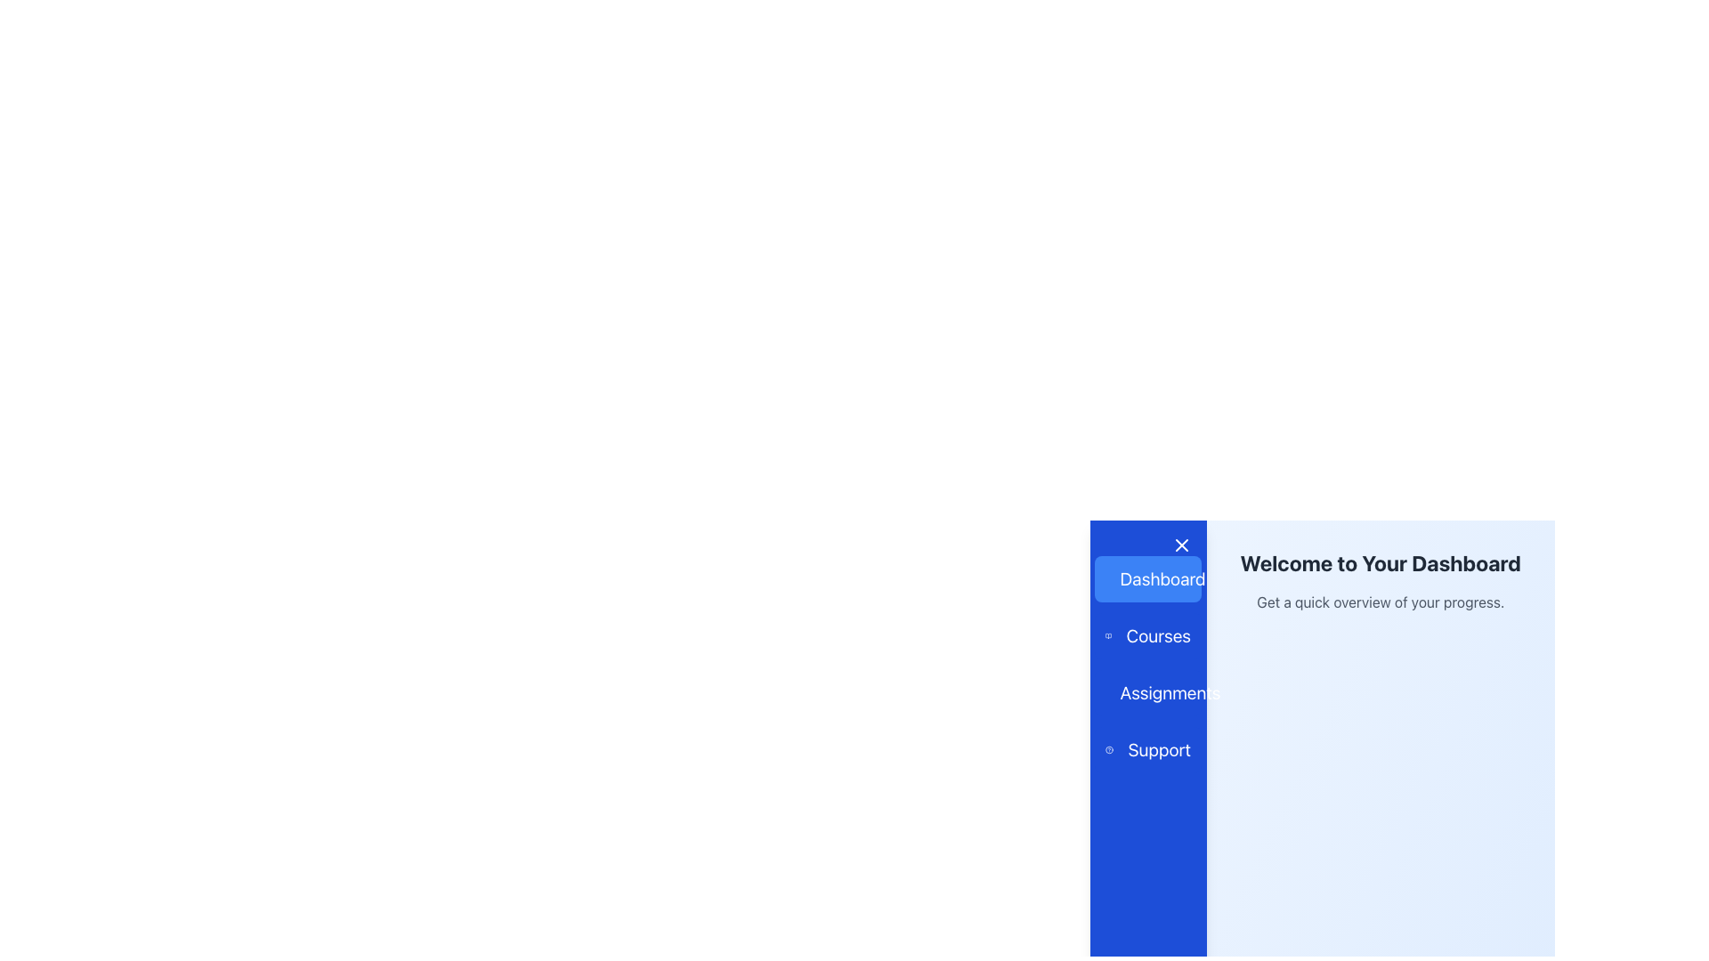  I want to click on the 'Dashboard' icon located in the left-side menu panel, positioned beside the 'Dashboard' label, so click(1115, 578).